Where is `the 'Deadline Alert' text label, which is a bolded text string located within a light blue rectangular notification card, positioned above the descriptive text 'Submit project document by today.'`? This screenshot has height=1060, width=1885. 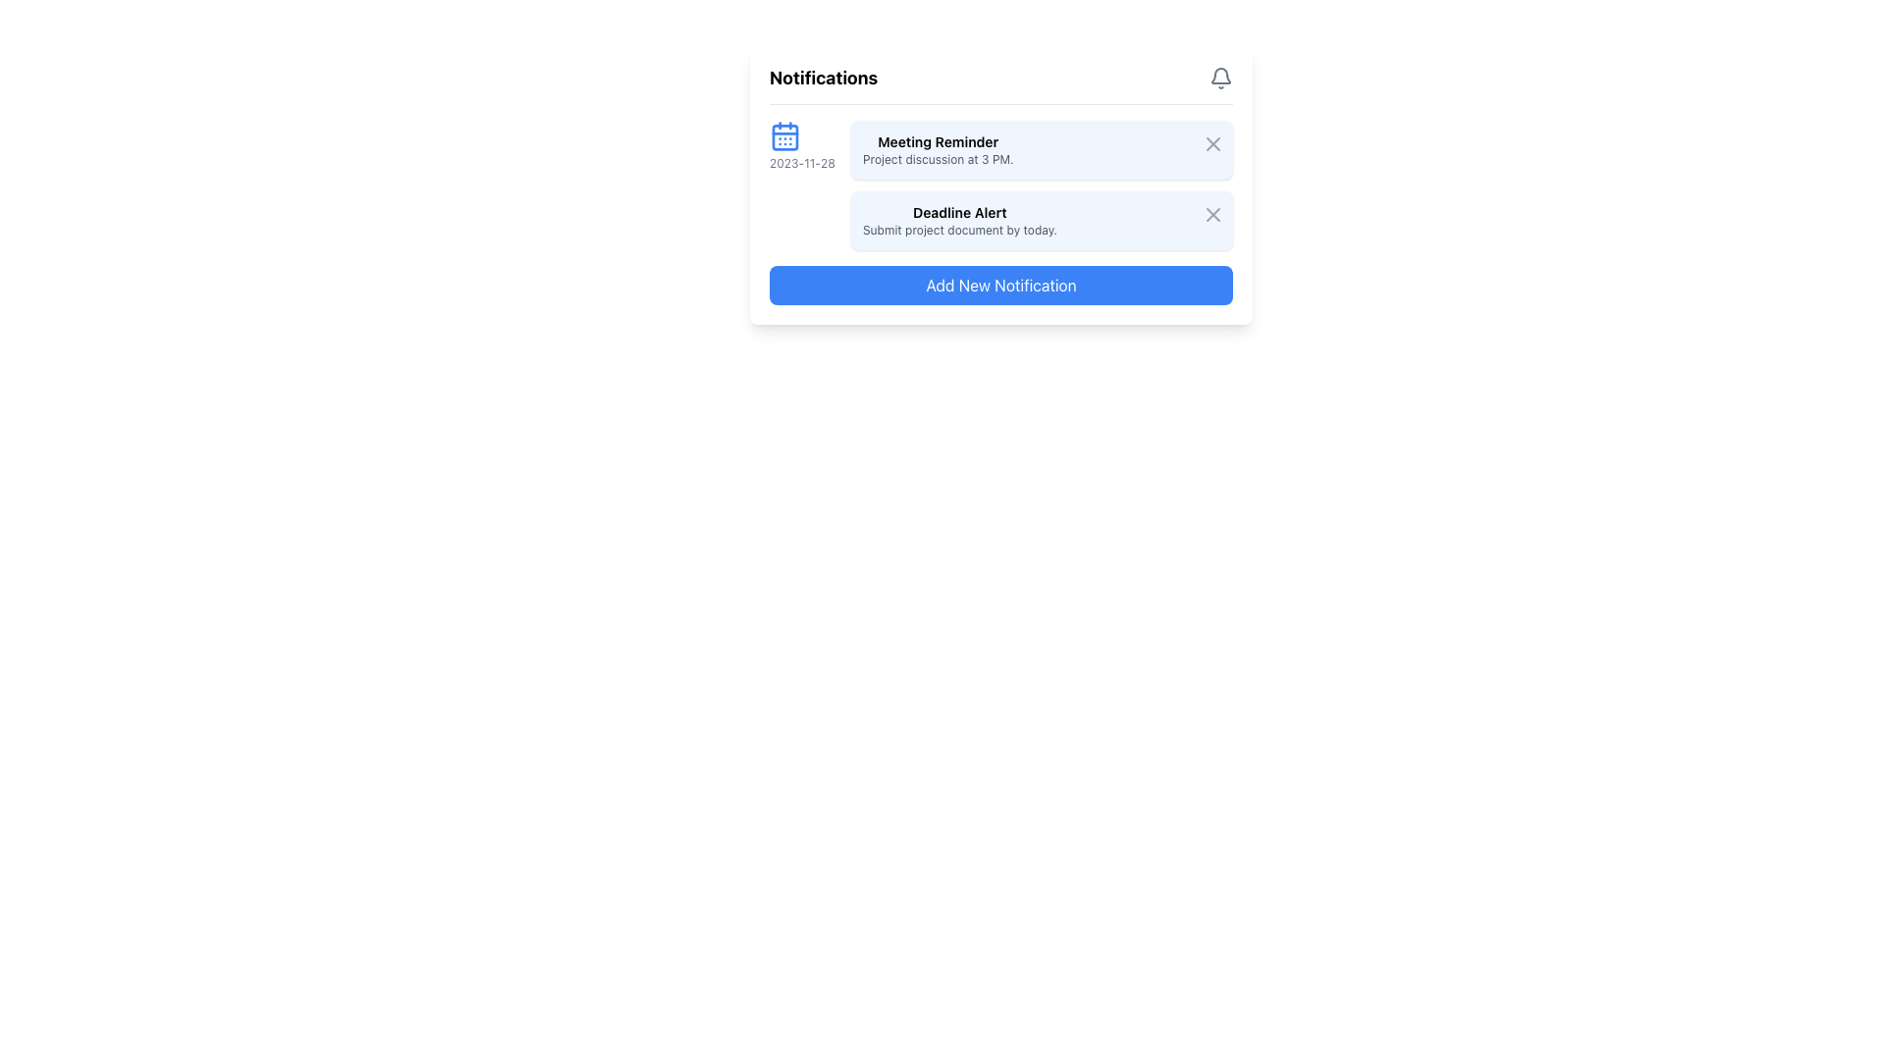 the 'Deadline Alert' text label, which is a bolded text string located within a light blue rectangular notification card, positioned above the descriptive text 'Submit project document by today.' is located at coordinates (959, 212).